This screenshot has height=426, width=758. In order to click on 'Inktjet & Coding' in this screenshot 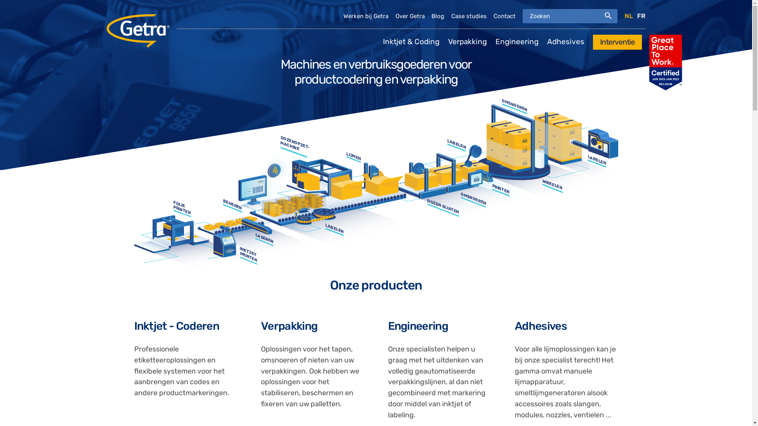, I will do `click(411, 41)`.